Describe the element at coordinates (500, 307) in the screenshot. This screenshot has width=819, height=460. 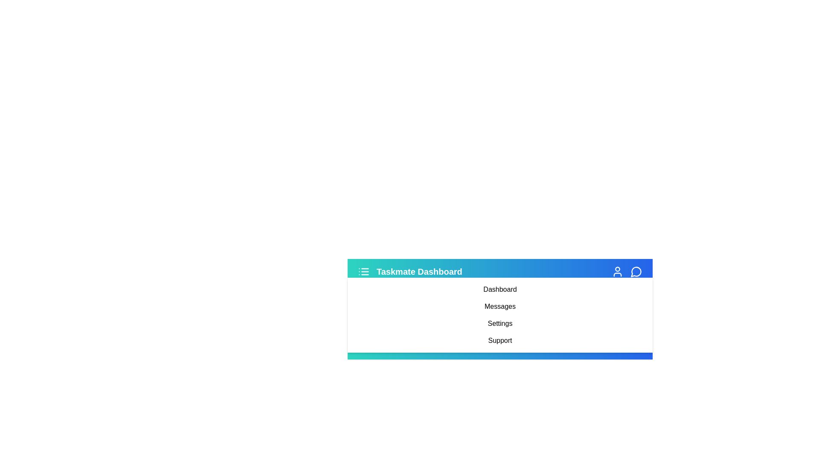
I see `the 'Messages' link in the sidebar to navigate to the 'Messages' section` at that location.